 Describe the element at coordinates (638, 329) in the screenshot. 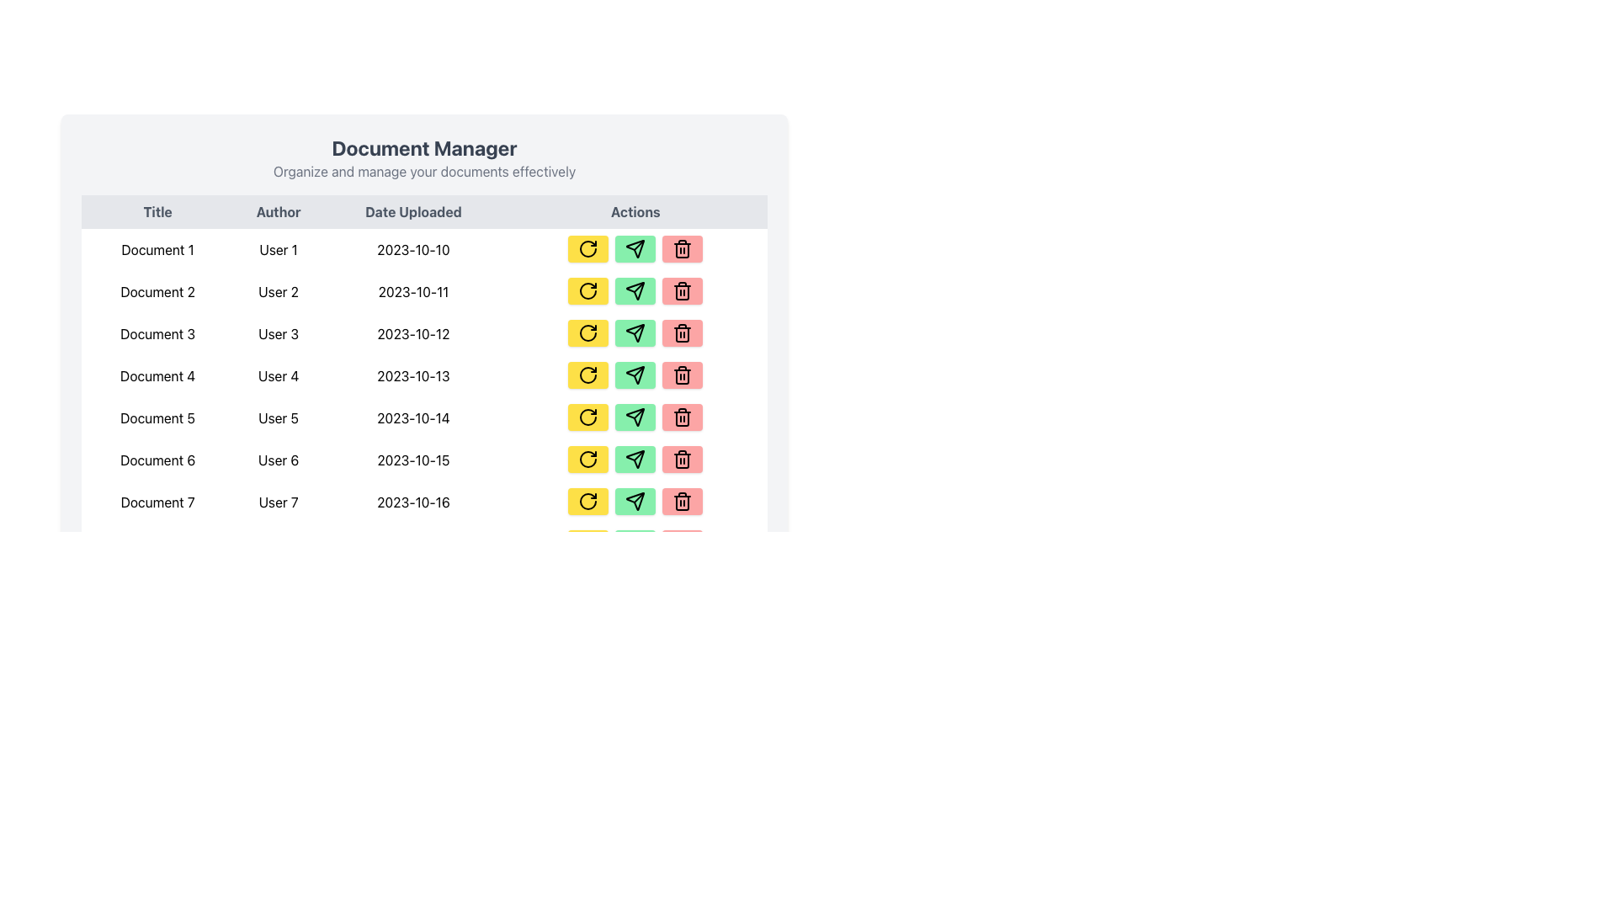

I see `the vector graphic part of the send icon located in the 'Actions' column of the row corresponding to 'Document 3' in the table` at that location.